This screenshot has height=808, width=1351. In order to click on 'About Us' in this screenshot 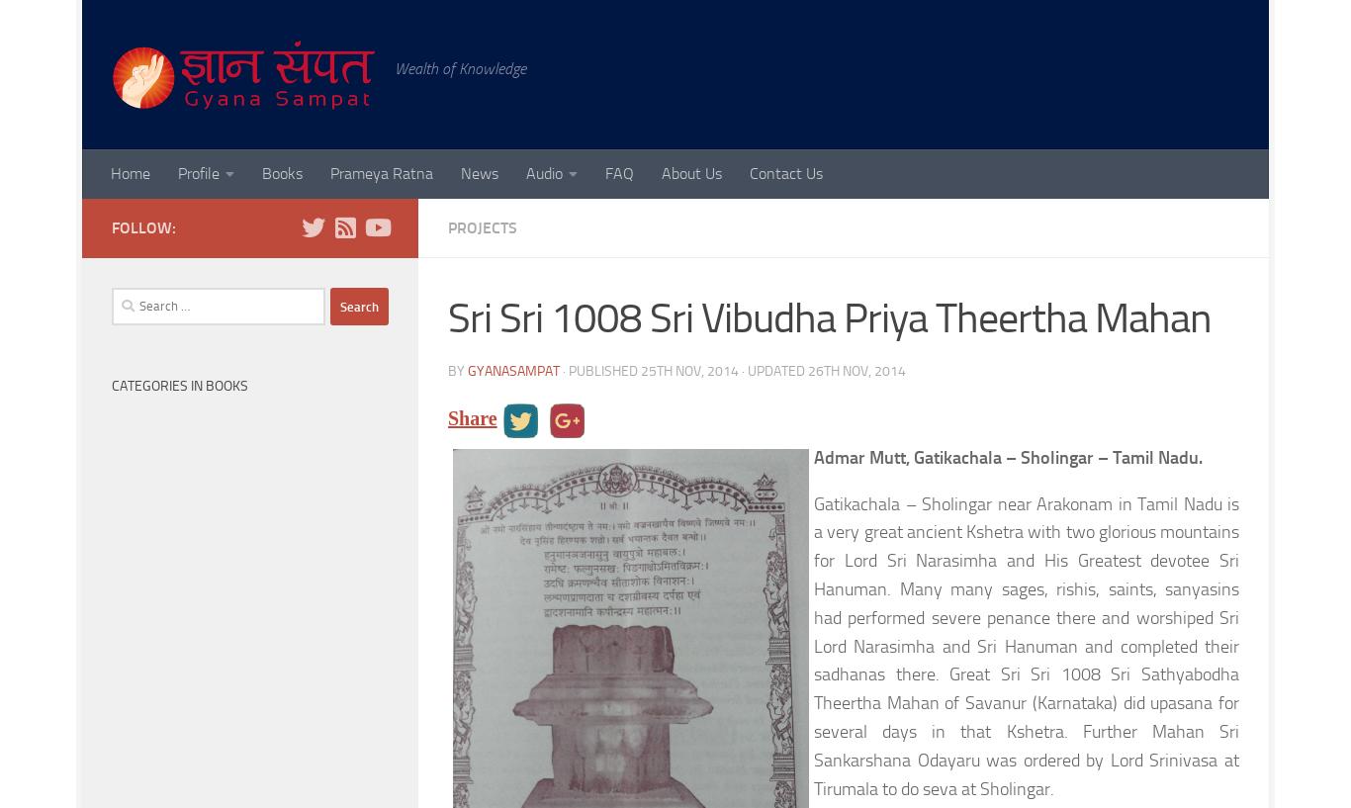, I will do `click(691, 172)`.